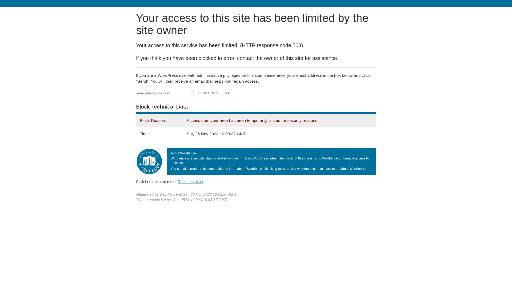  What do you see at coordinates (190, 181) in the screenshot?
I see `'Documentation'` at bounding box center [190, 181].